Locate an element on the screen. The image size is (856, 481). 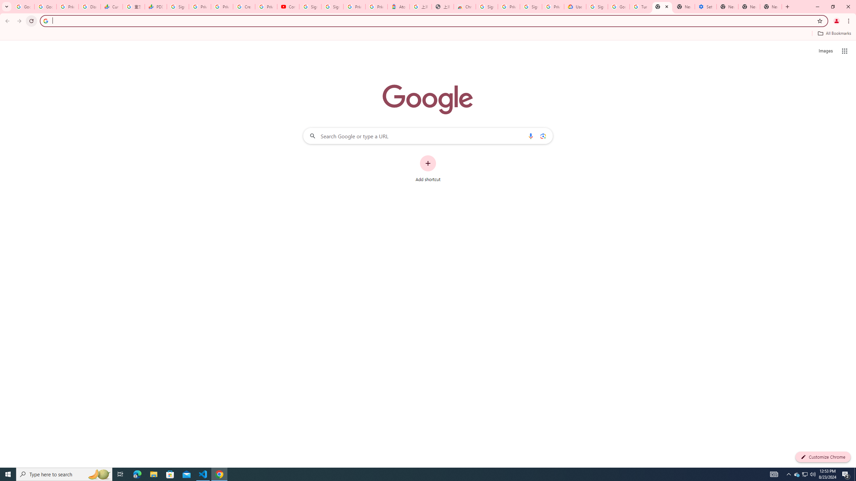
'Atour Hotel - Google hotels' is located at coordinates (398, 6).